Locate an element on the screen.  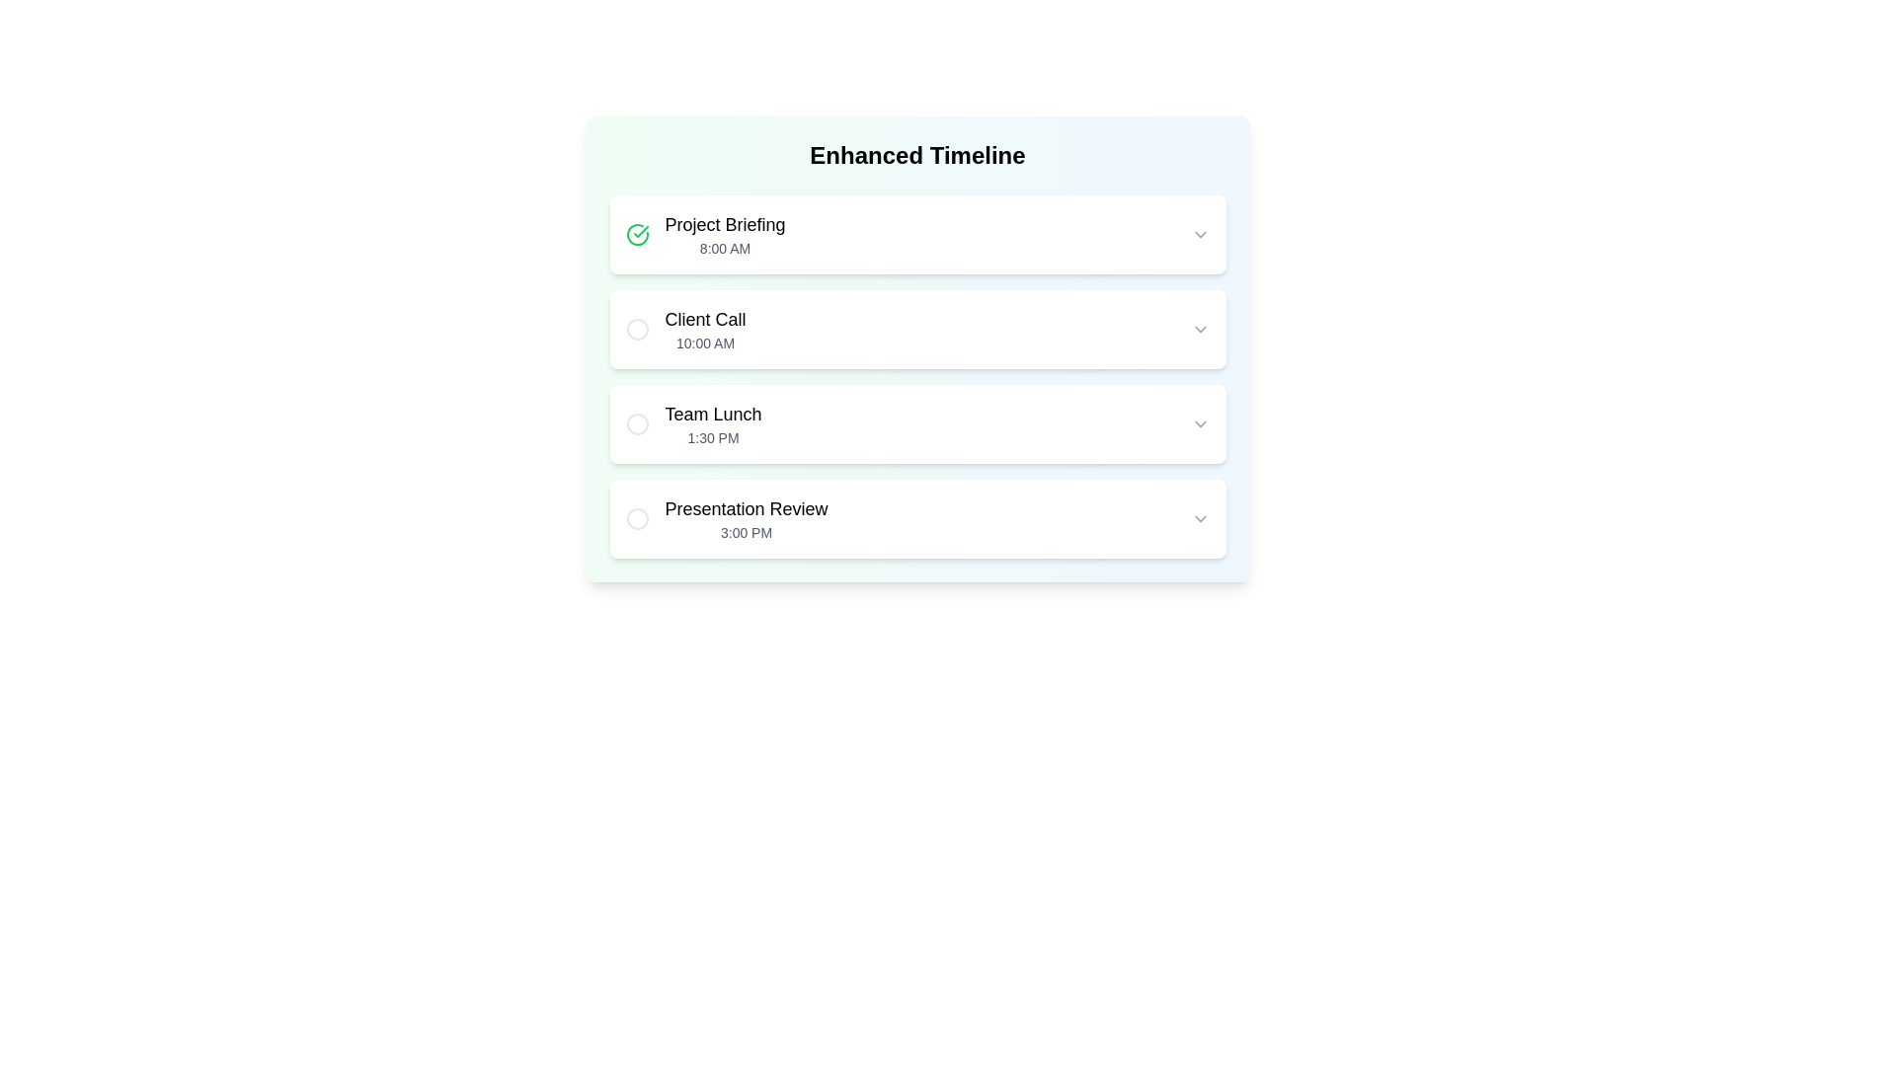
the downward-facing chevron icon located at the far-right edge of the 'Team Lunch 1:30 PM' list item in the 'Enhanced Timeline' interface is located at coordinates (1199, 422).